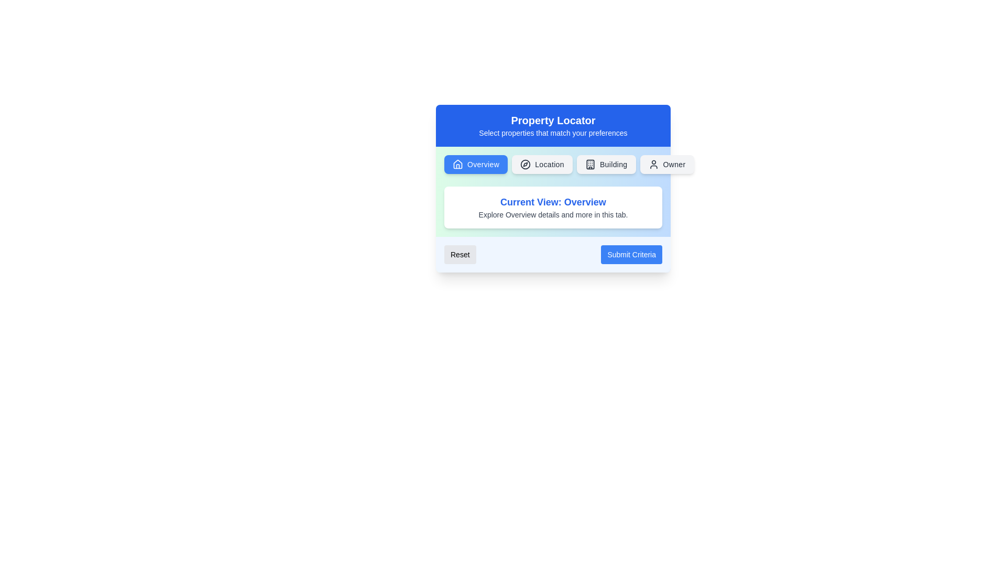  Describe the element at coordinates (483, 164) in the screenshot. I see `the 'Overview' tab label, which is styled in white text on a blue rounded rectangular background, indicating it's an active tab within the navigation bar` at that location.